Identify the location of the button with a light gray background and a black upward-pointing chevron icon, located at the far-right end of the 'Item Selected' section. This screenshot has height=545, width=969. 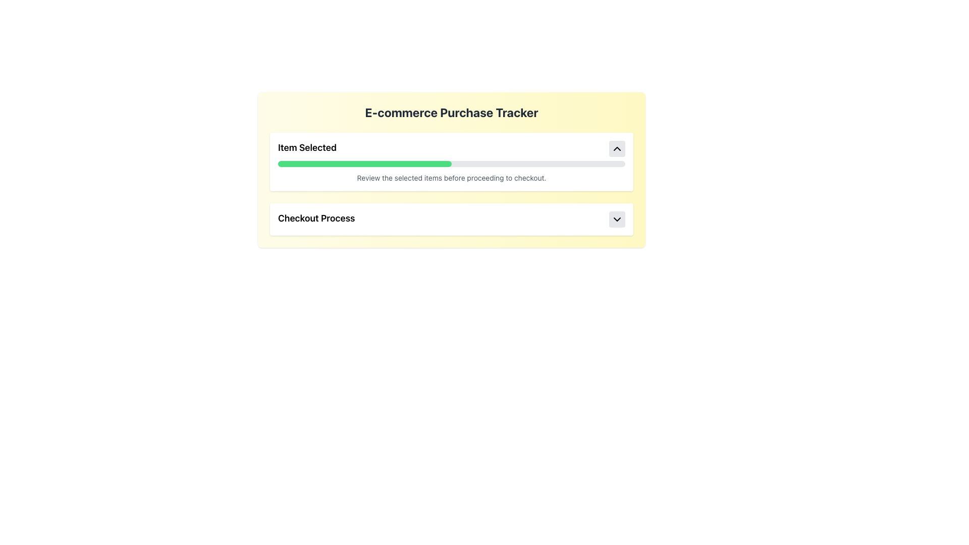
(617, 148).